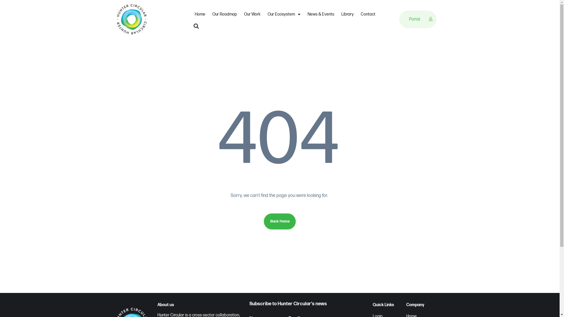 Image resolution: width=564 pixels, height=317 pixels. What do you see at coordinates (338, 14) in the screenshot?
I see `'Library'` at bounding box center [338, 14].